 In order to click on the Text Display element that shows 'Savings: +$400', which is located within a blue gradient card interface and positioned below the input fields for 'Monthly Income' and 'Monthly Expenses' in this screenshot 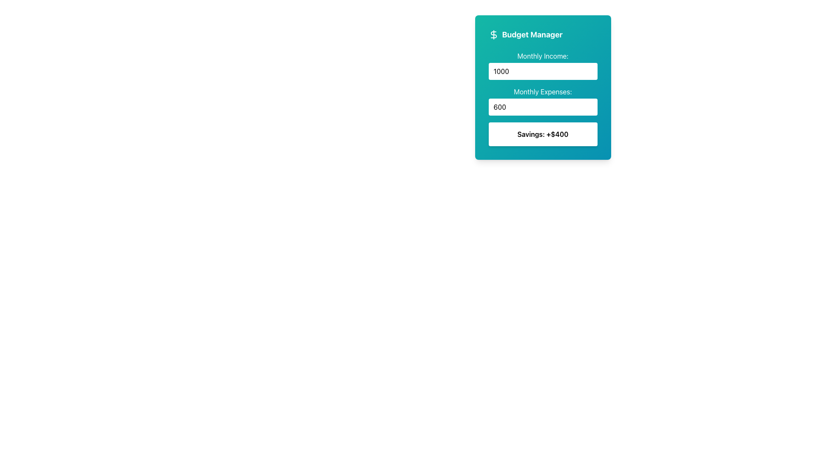, I will do `click(542, 134)`.